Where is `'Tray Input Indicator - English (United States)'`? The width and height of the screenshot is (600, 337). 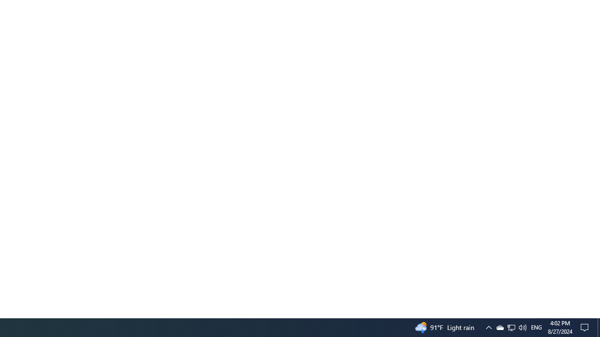 'Tray Input Indicator - English (United States)' is located at coordinates (536, 327).